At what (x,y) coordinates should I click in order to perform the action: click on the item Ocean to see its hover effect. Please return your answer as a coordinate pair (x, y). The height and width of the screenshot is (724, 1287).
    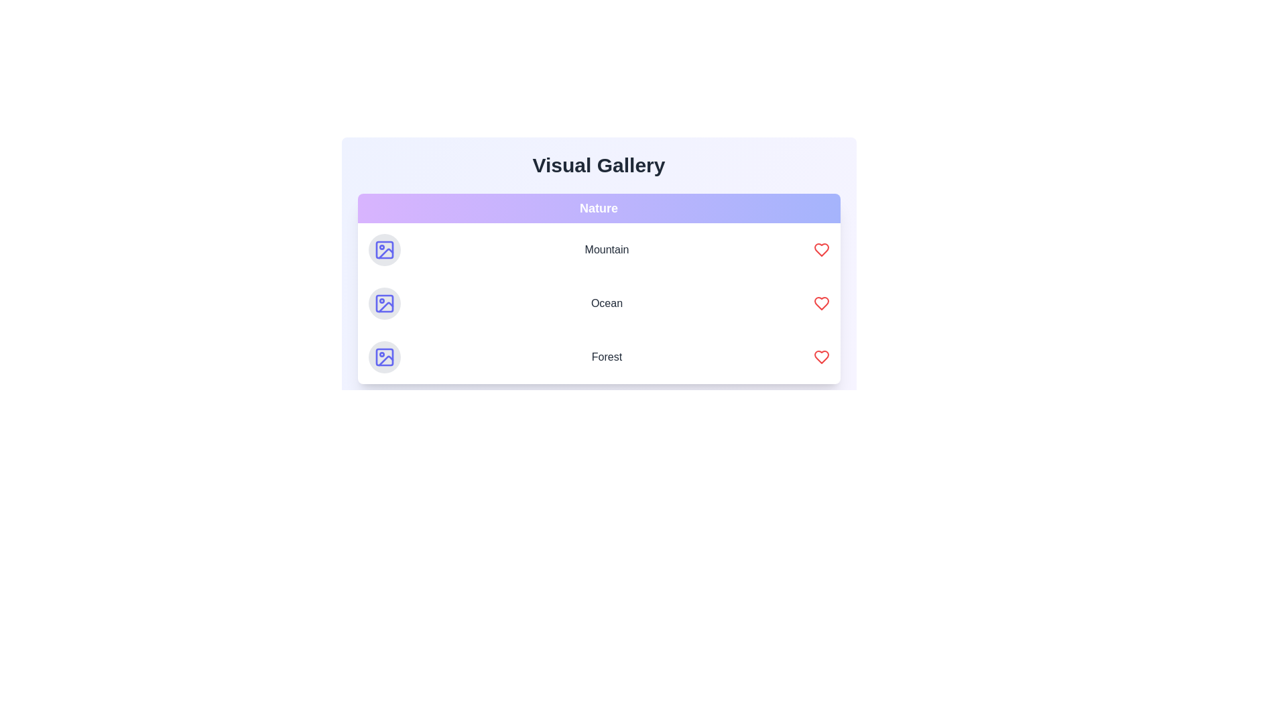
    Looking at the image, I should click on (598, 303).